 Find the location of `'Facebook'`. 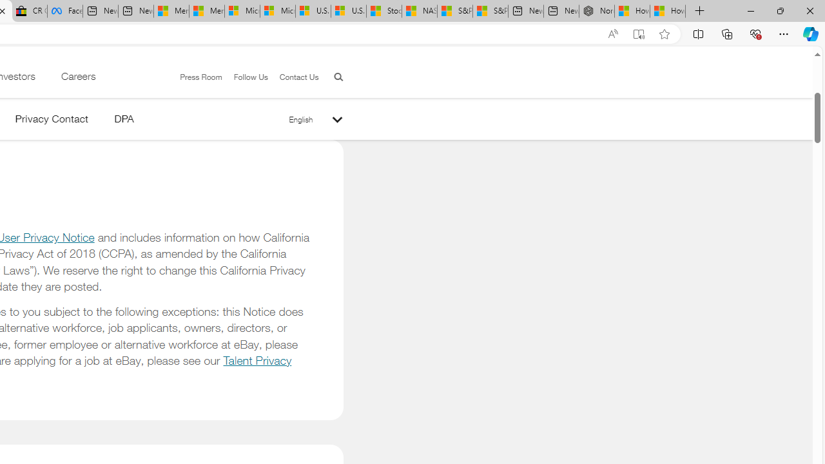

'Facebook' is located at coordinates (64, 11).